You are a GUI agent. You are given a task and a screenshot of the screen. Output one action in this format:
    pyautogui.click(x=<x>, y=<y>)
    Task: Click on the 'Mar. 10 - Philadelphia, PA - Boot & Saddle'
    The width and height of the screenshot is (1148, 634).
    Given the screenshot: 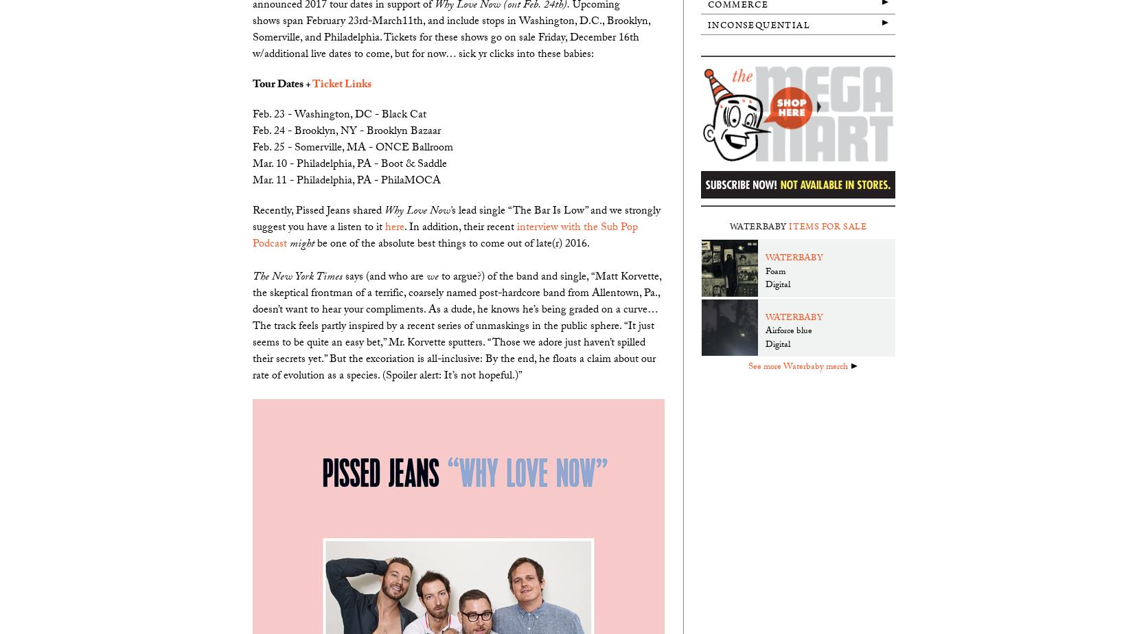 What is the action you would take?
    pyautogui.click(x=252, y=164)
    